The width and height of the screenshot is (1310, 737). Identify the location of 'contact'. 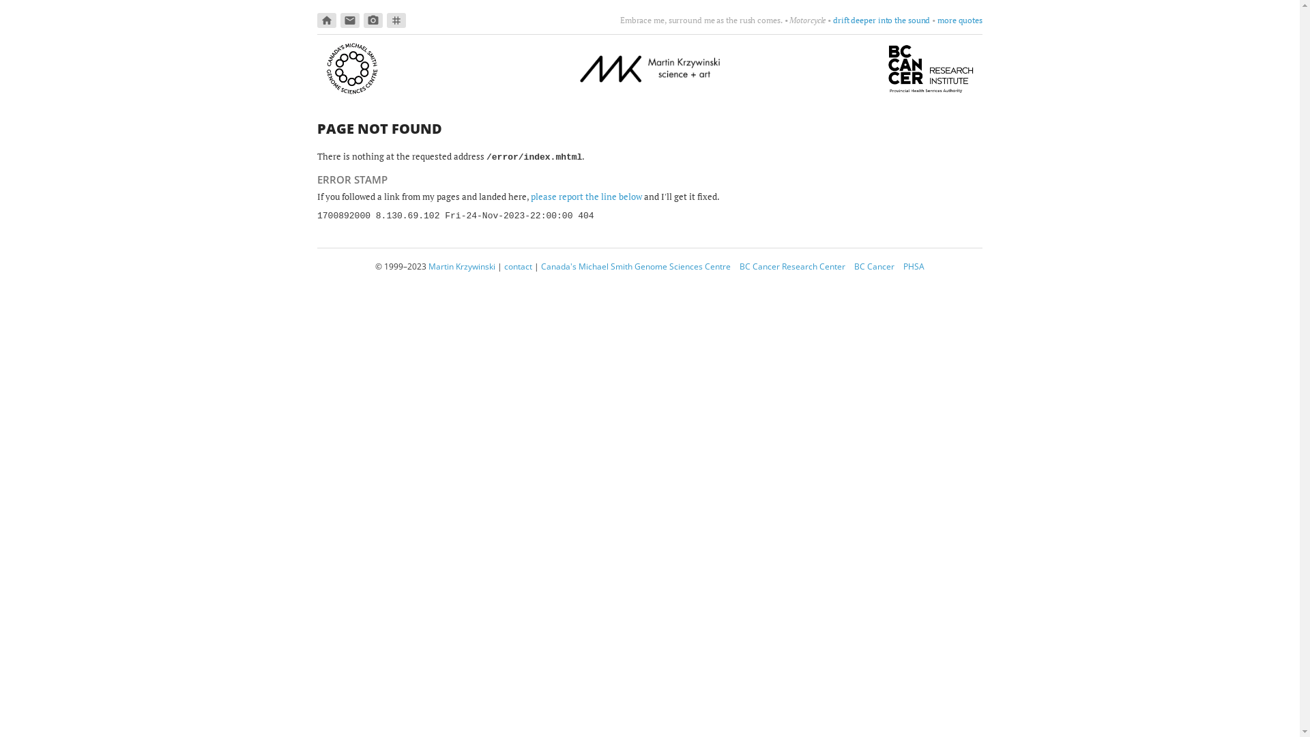
(517, 266).